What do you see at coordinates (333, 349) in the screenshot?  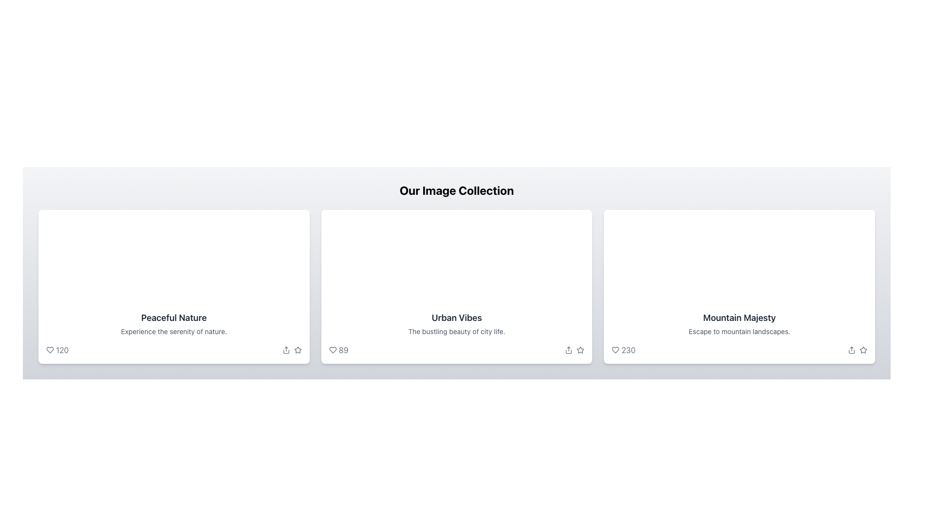 I see `the heart-shaped icon located at the bottom-right corner of the 'Urban Vibes' card` at bounding box center [333, 349].